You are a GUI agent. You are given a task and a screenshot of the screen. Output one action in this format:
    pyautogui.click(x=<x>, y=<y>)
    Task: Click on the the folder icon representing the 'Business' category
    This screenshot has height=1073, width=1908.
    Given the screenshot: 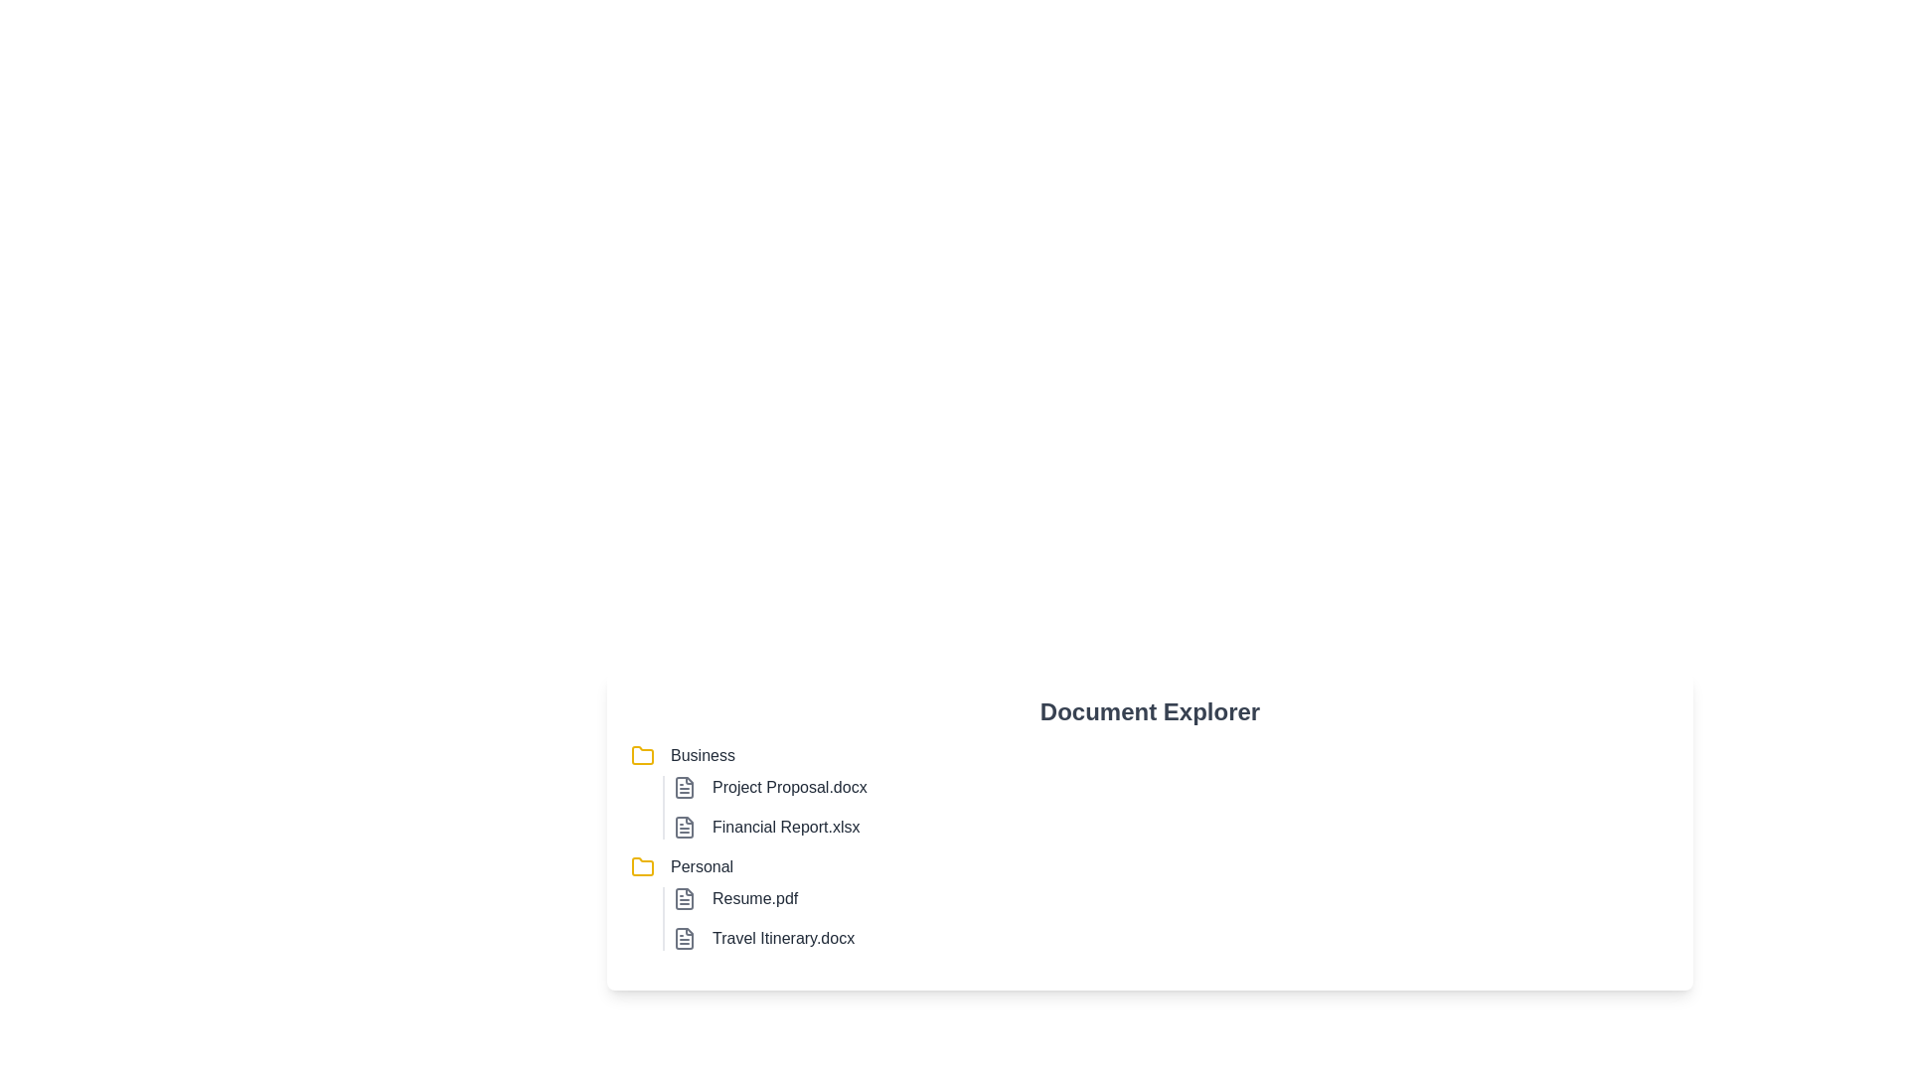 What is the action you would take?
    pyautogui.click(x=643, y=755)
    